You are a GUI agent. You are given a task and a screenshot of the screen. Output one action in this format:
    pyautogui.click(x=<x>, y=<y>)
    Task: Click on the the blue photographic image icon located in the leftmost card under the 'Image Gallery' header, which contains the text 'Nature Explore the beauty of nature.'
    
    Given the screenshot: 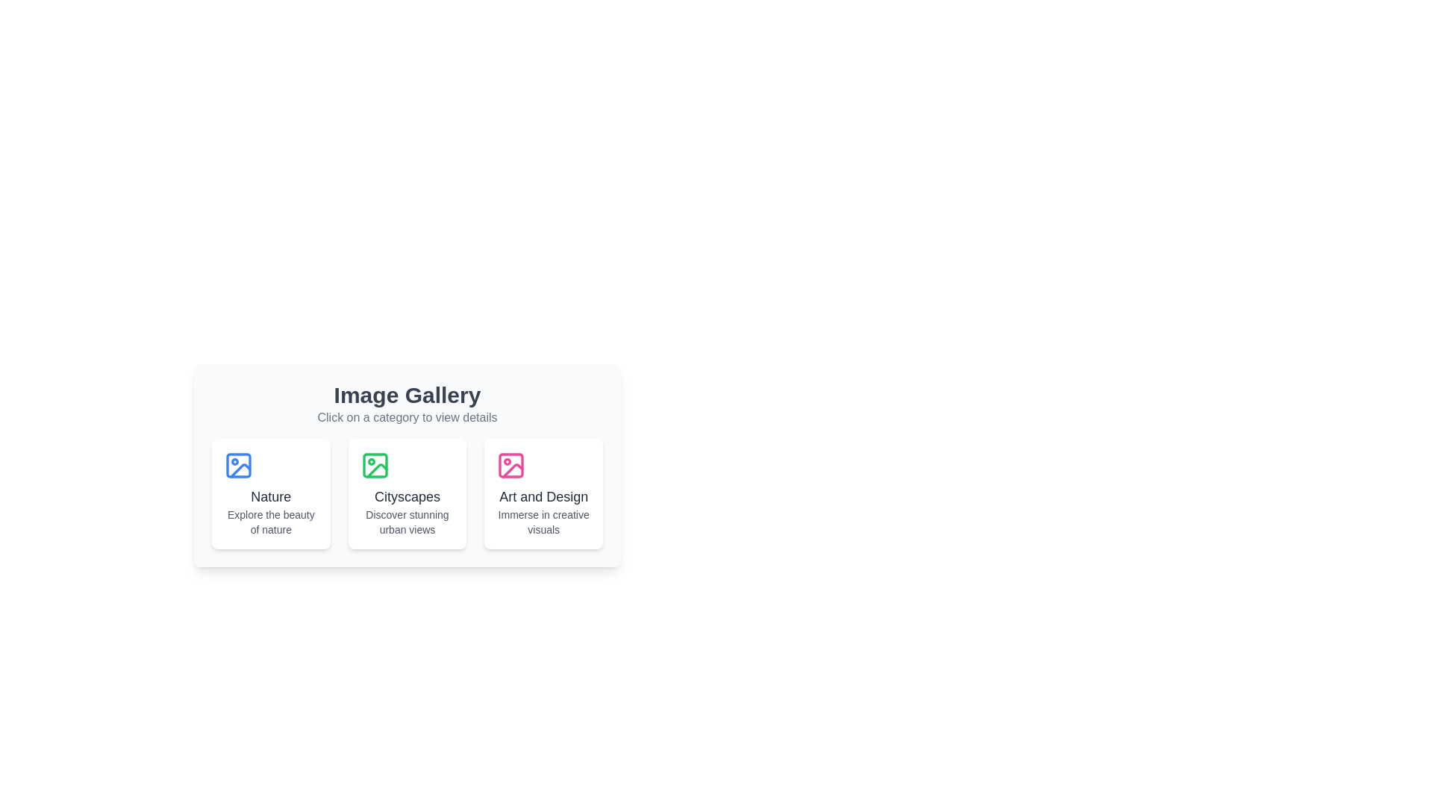 What is the action you would take?
    pyautogui.click(x=239, y=465)
    